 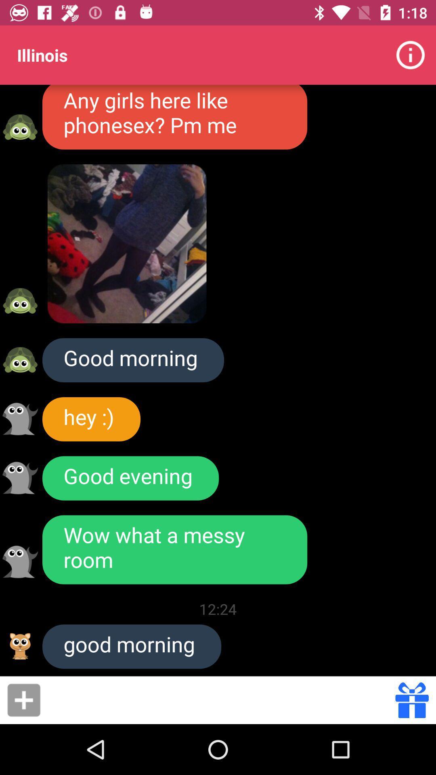 What do you see at coordinates (23, 700) in the screenshot?
I see `person` at bounding box center [23, 700].